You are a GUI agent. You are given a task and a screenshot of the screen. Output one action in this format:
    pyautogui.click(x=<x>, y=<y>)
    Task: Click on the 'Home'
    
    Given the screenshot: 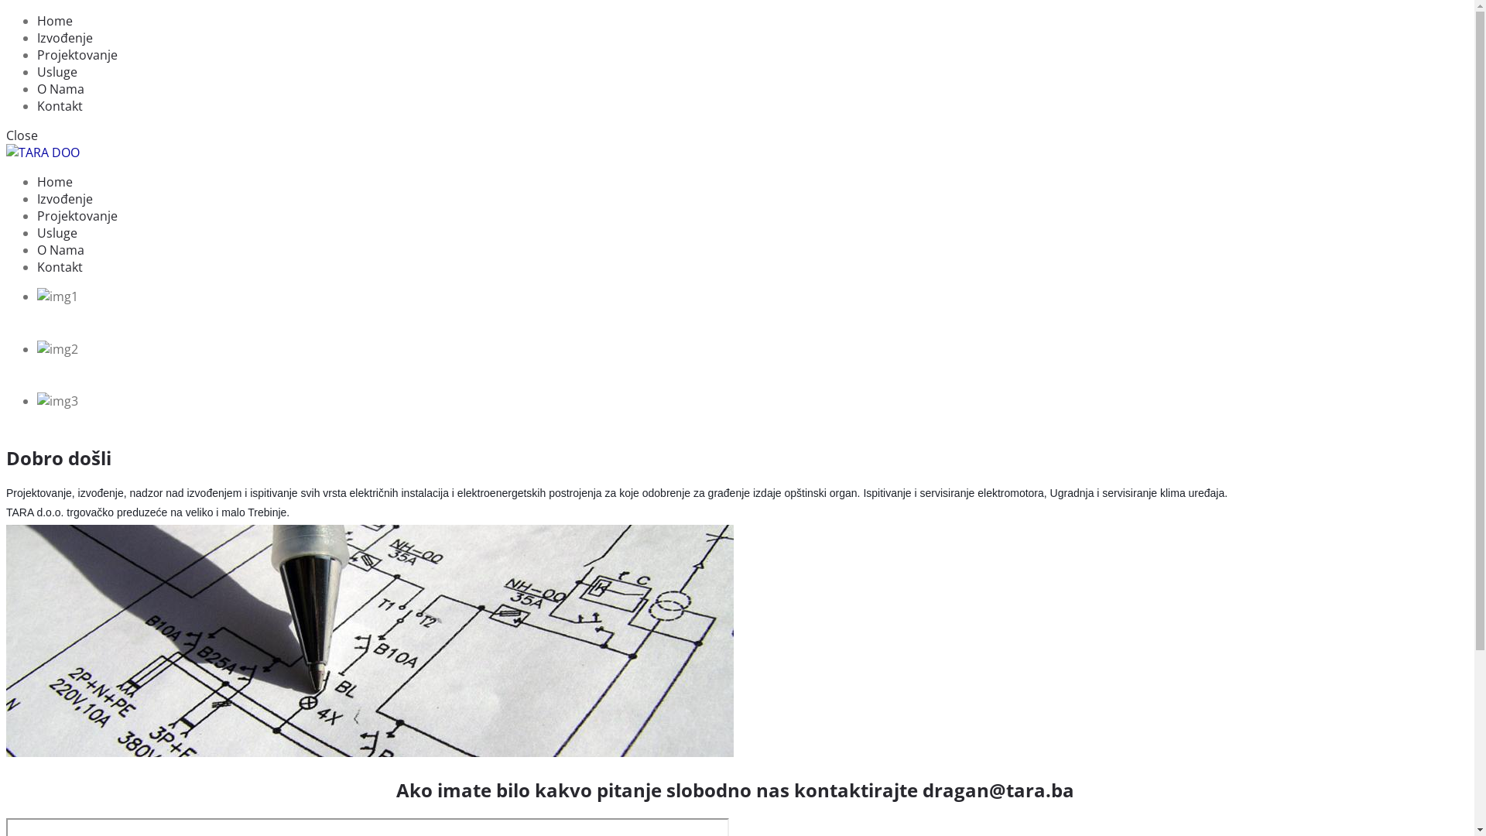 What is the action you would take?
    pyautogui.click(x=55, y=181)
    